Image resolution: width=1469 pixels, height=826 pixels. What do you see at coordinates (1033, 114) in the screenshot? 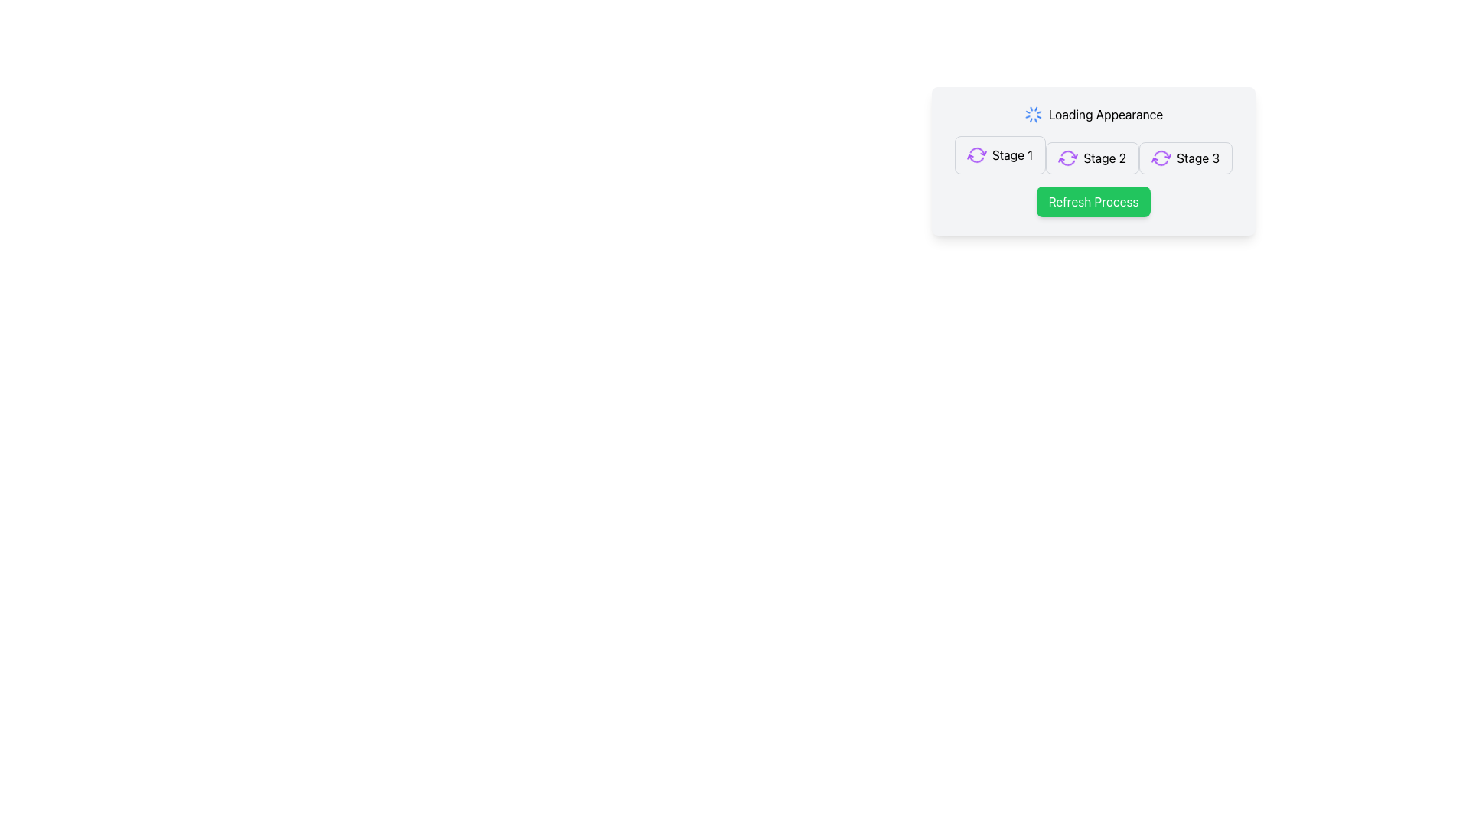
I see `the Spinner Icon located immediately to the left of the 'Loading Appearance' text, which serves as a visual indicator for loading or in-progress status` at bounding box center [1033, 114].